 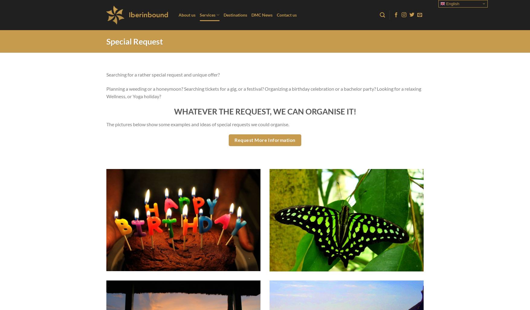 I want to click on 'About us', so click(x=186, y=15).